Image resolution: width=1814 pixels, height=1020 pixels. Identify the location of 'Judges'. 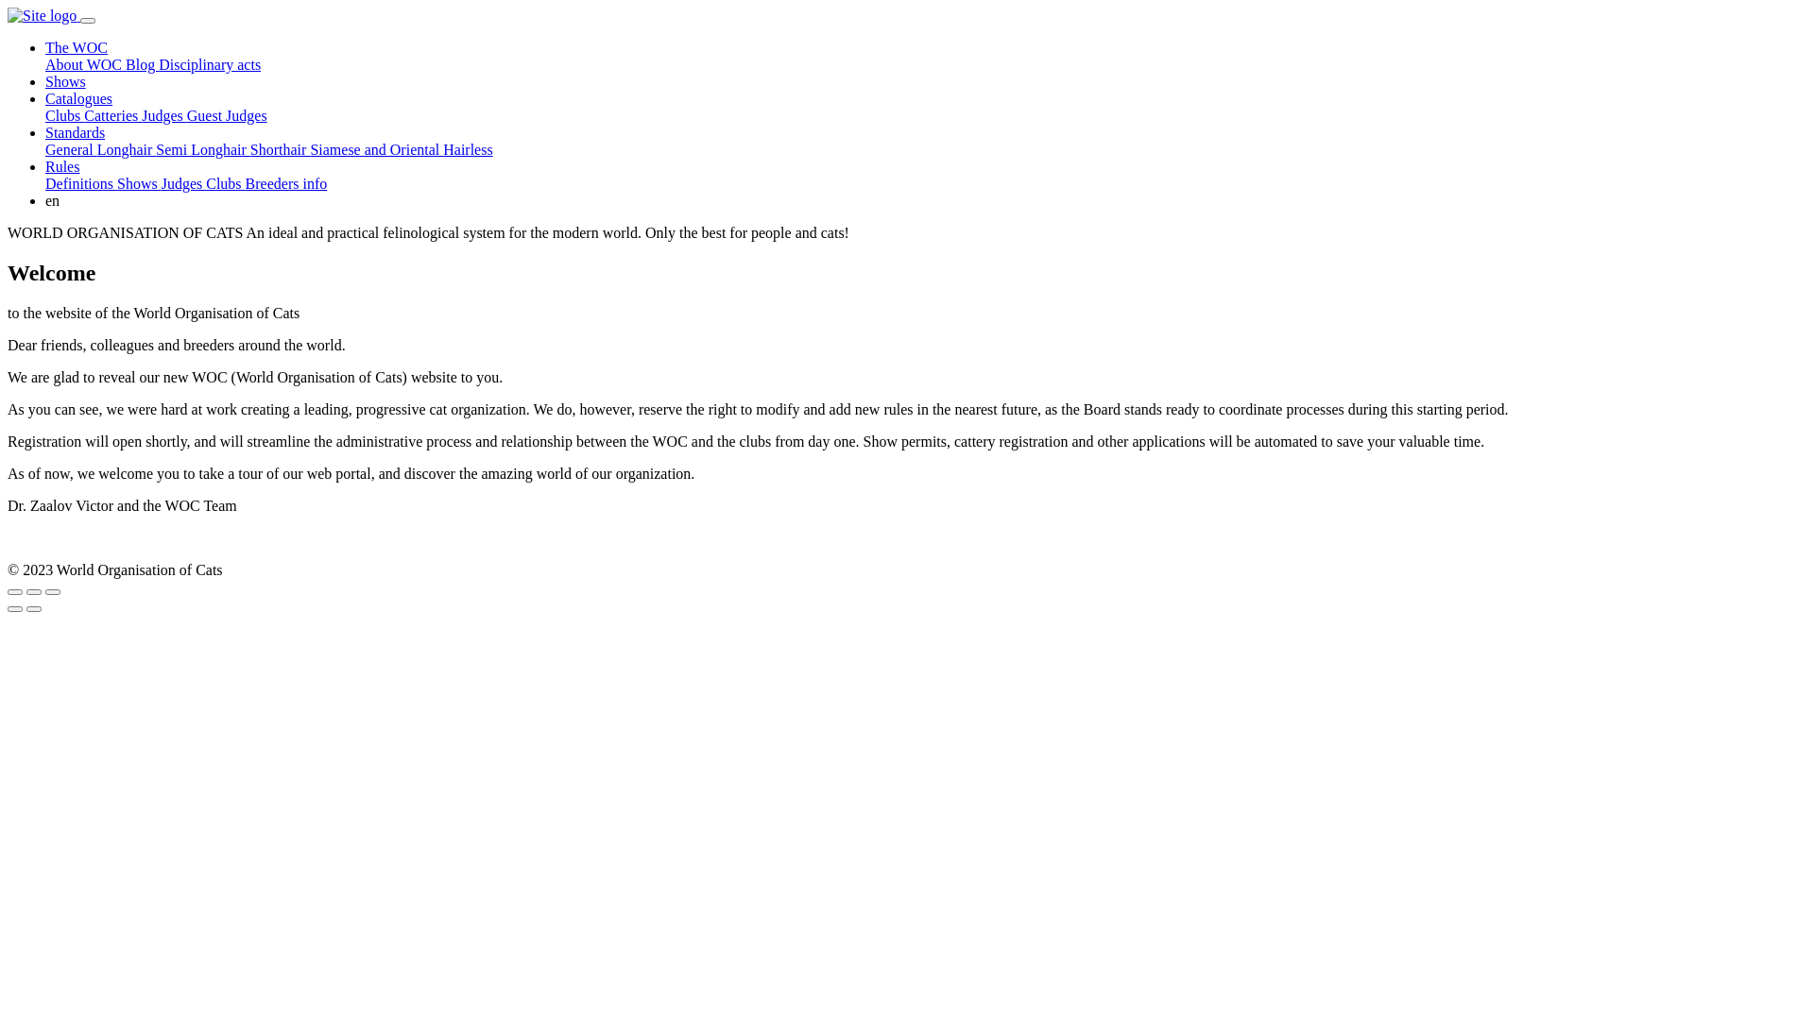
(163, 115).